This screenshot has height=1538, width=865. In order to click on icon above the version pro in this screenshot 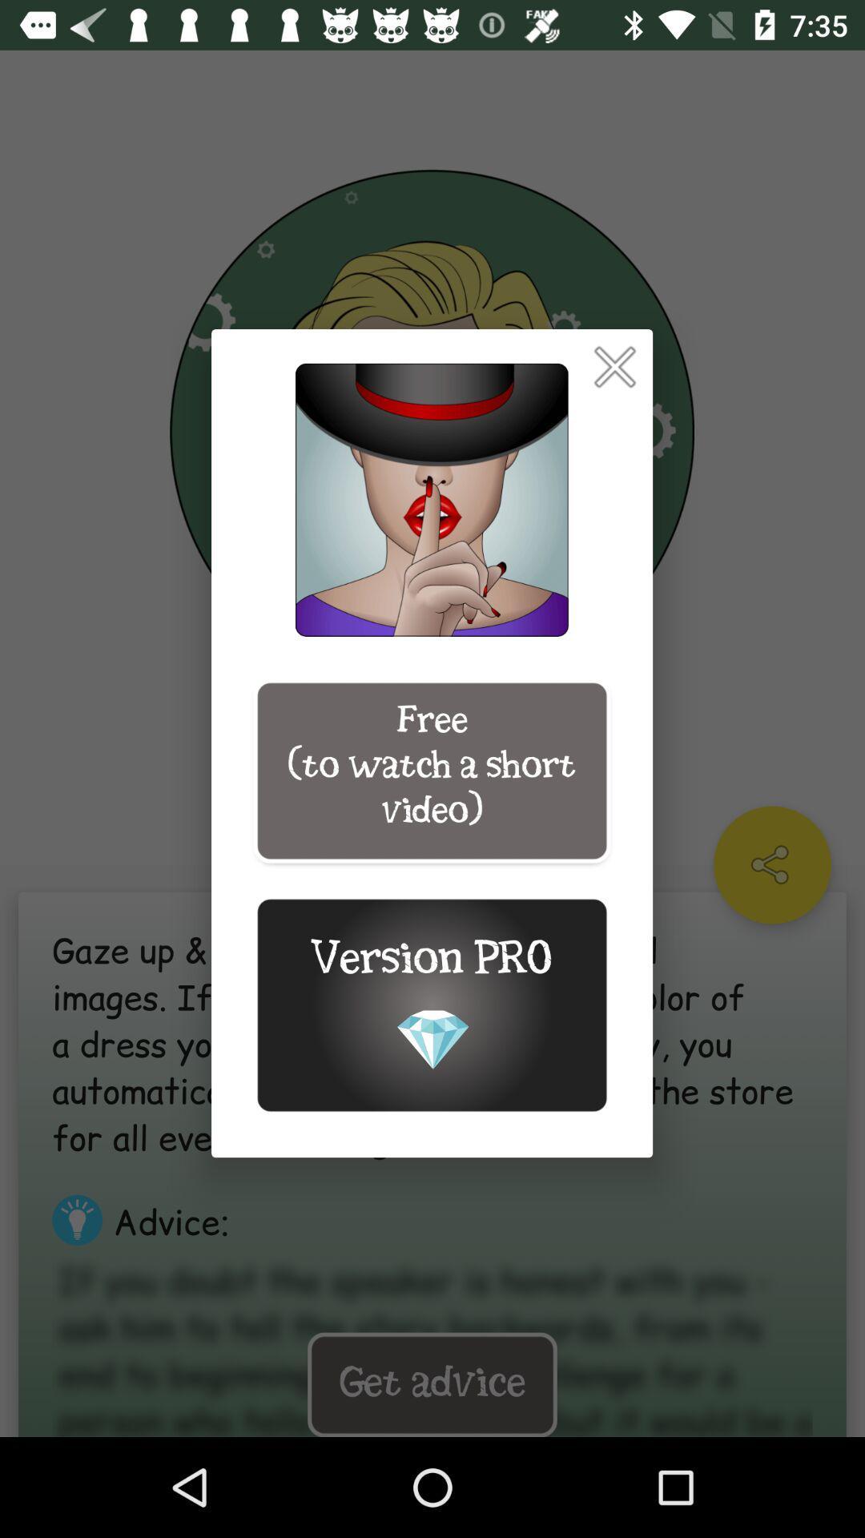, I will do `click(431, 771)`.